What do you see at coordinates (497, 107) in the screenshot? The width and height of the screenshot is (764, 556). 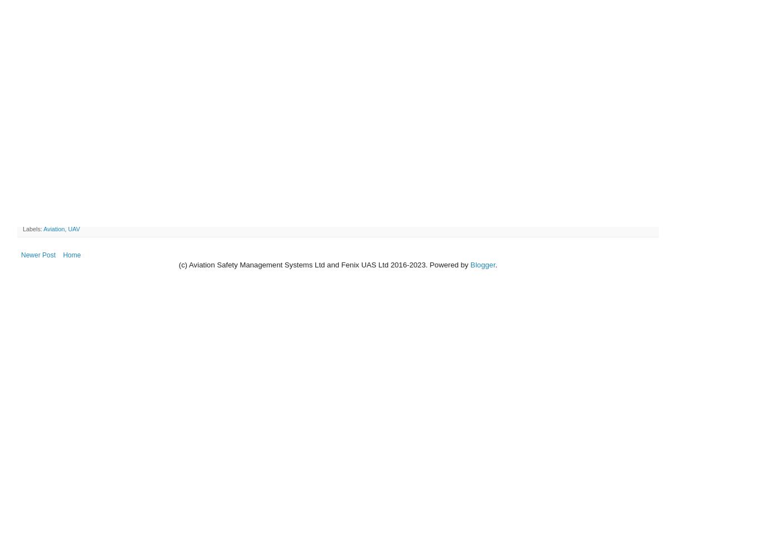 I see `'About'` at bounding box center [497, 107].